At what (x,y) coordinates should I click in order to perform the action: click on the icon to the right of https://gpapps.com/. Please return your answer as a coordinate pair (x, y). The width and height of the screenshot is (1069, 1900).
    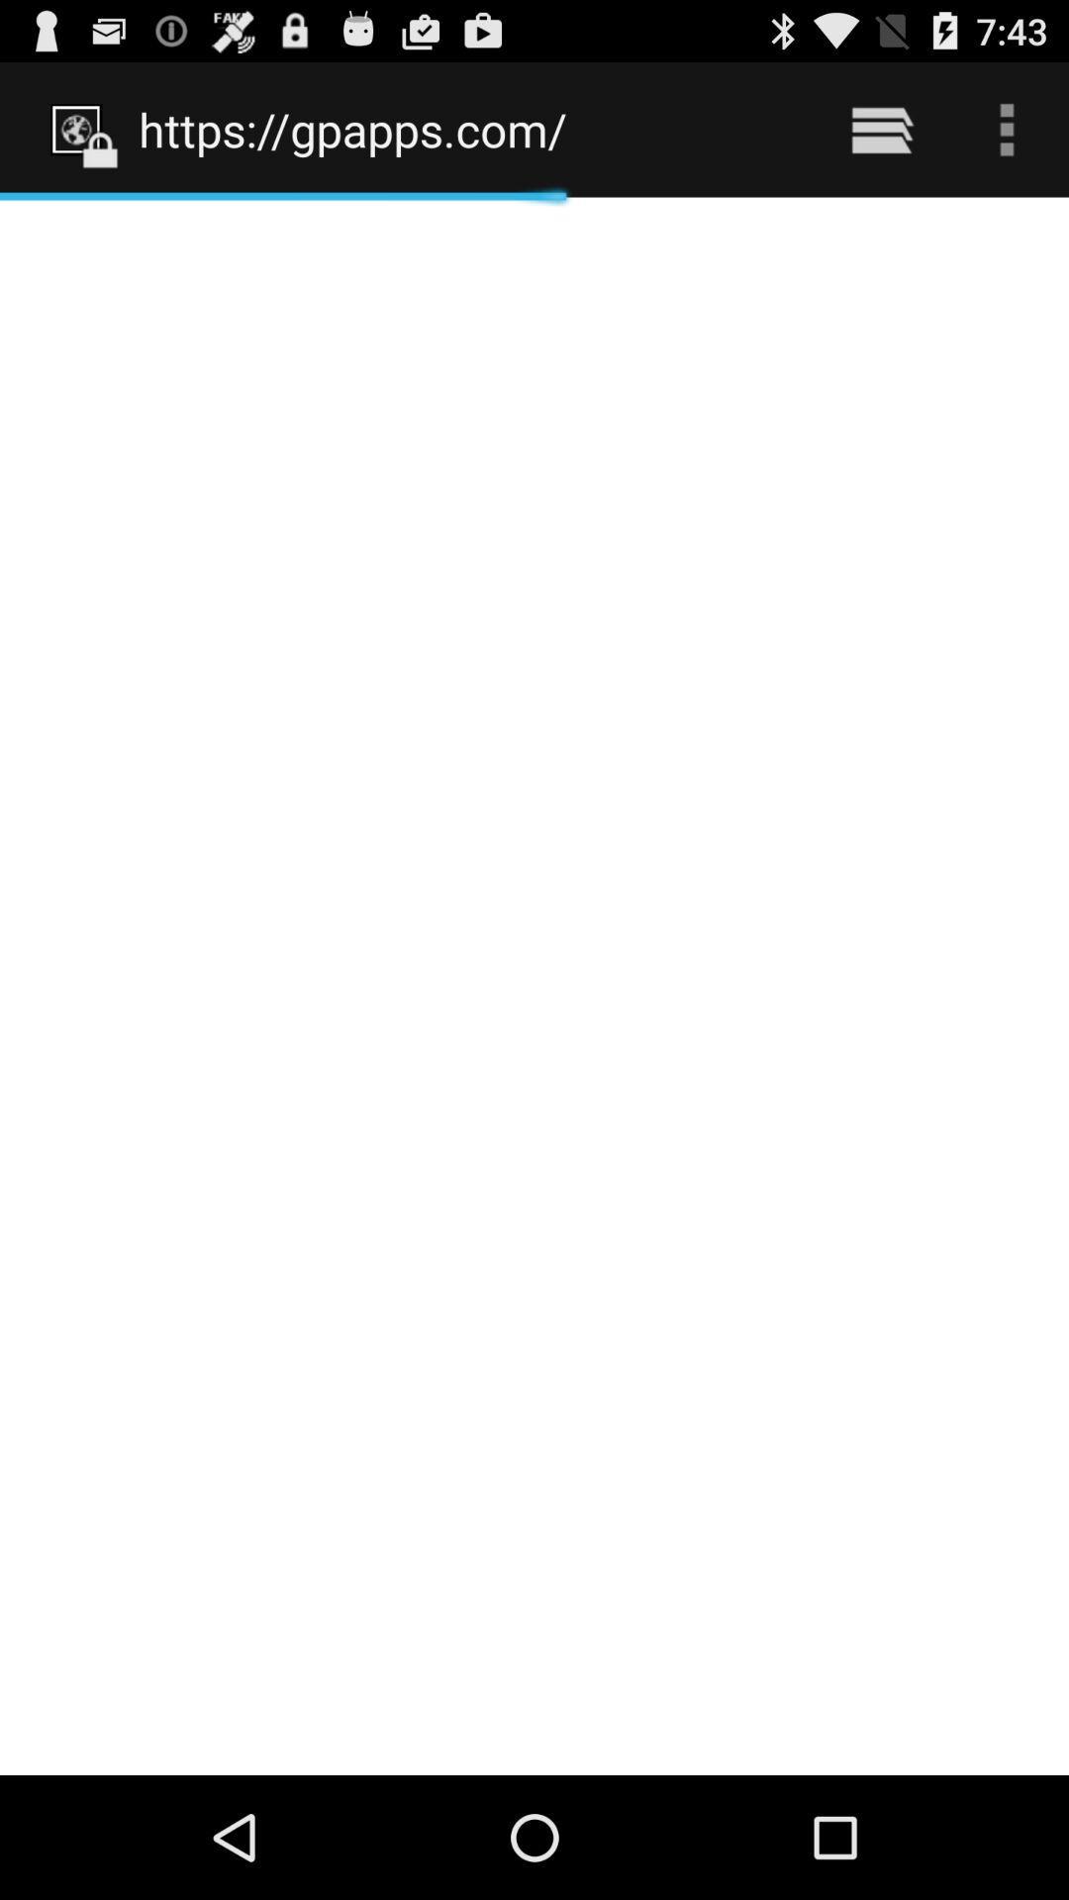
    Looking at the image, I should click on (881, 129).